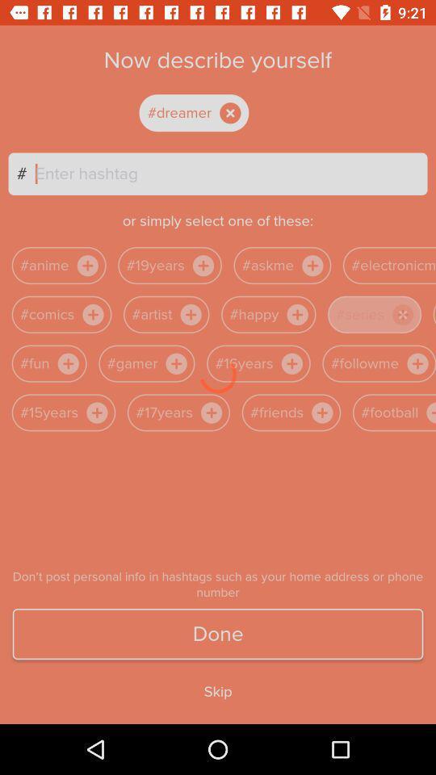  What do you see at coordinates (230, 174) in the screenshot?
I see `hashtag to describe yourself` at bounding box center [230, 174].